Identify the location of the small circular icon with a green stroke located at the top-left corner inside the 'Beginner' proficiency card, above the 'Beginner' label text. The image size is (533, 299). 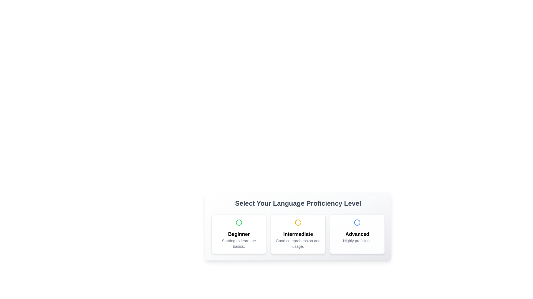
(239, 222).